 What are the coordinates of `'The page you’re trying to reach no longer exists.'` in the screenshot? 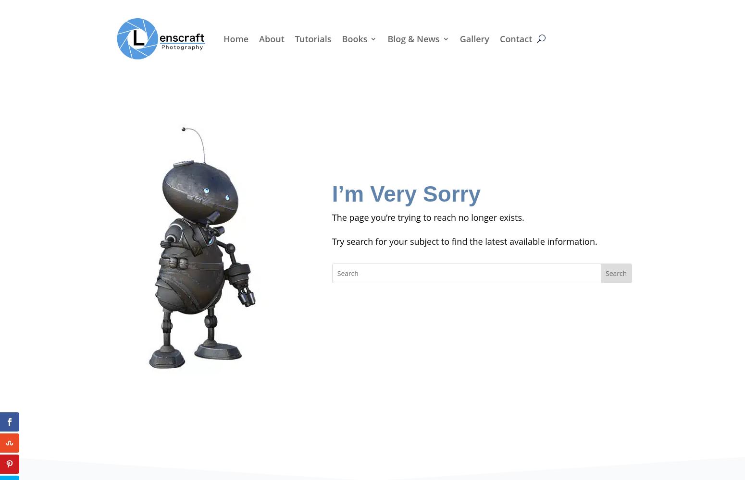 It's located at (331, 217).